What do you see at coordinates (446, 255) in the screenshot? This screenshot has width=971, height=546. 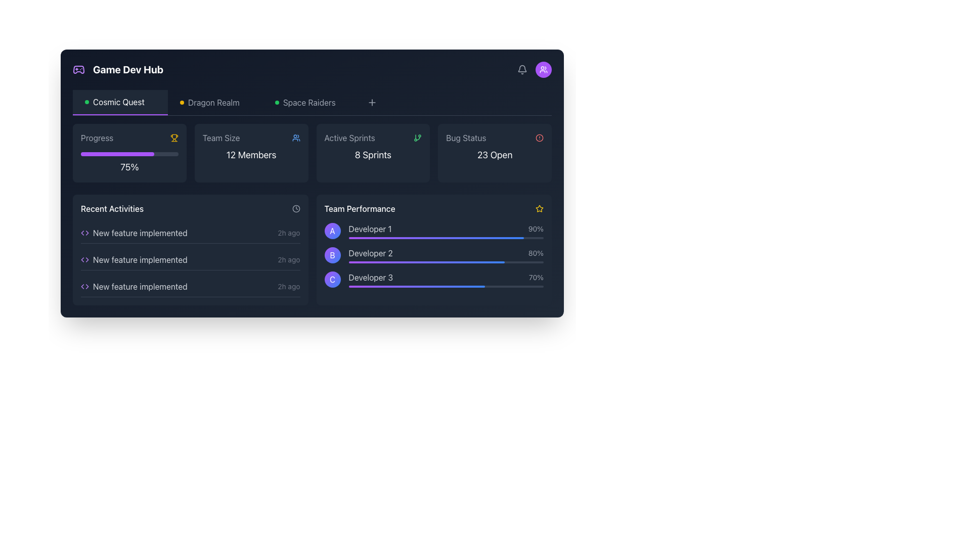 I see `the progress indicator displaying 'Developer 280%' with a filled gradient progress bar and '80%' to the right, located in the 'Team Performance' section` at bounding box center [446, 255].